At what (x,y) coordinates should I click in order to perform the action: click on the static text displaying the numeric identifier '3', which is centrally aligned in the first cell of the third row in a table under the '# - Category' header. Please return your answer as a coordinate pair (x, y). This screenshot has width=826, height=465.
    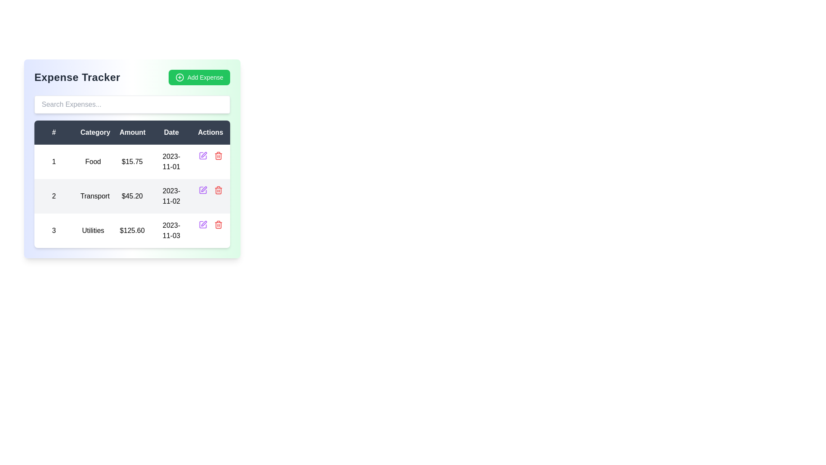
    Looking at the image, I should click on (53, 230).